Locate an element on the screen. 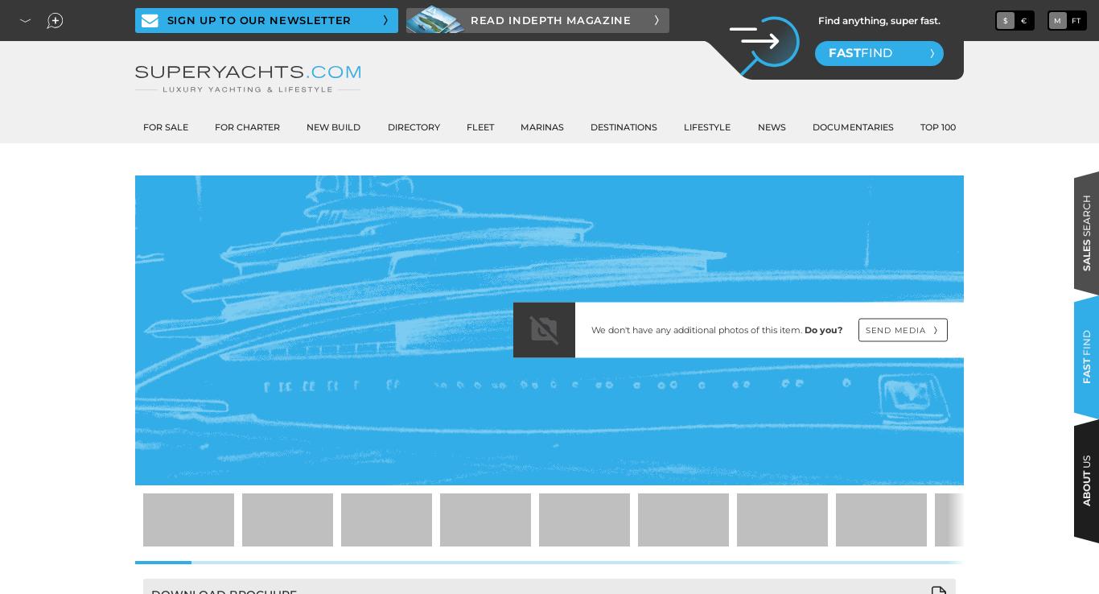 The image size is (1099, 594). 'Interviews' is located at coordinates (920, 120).